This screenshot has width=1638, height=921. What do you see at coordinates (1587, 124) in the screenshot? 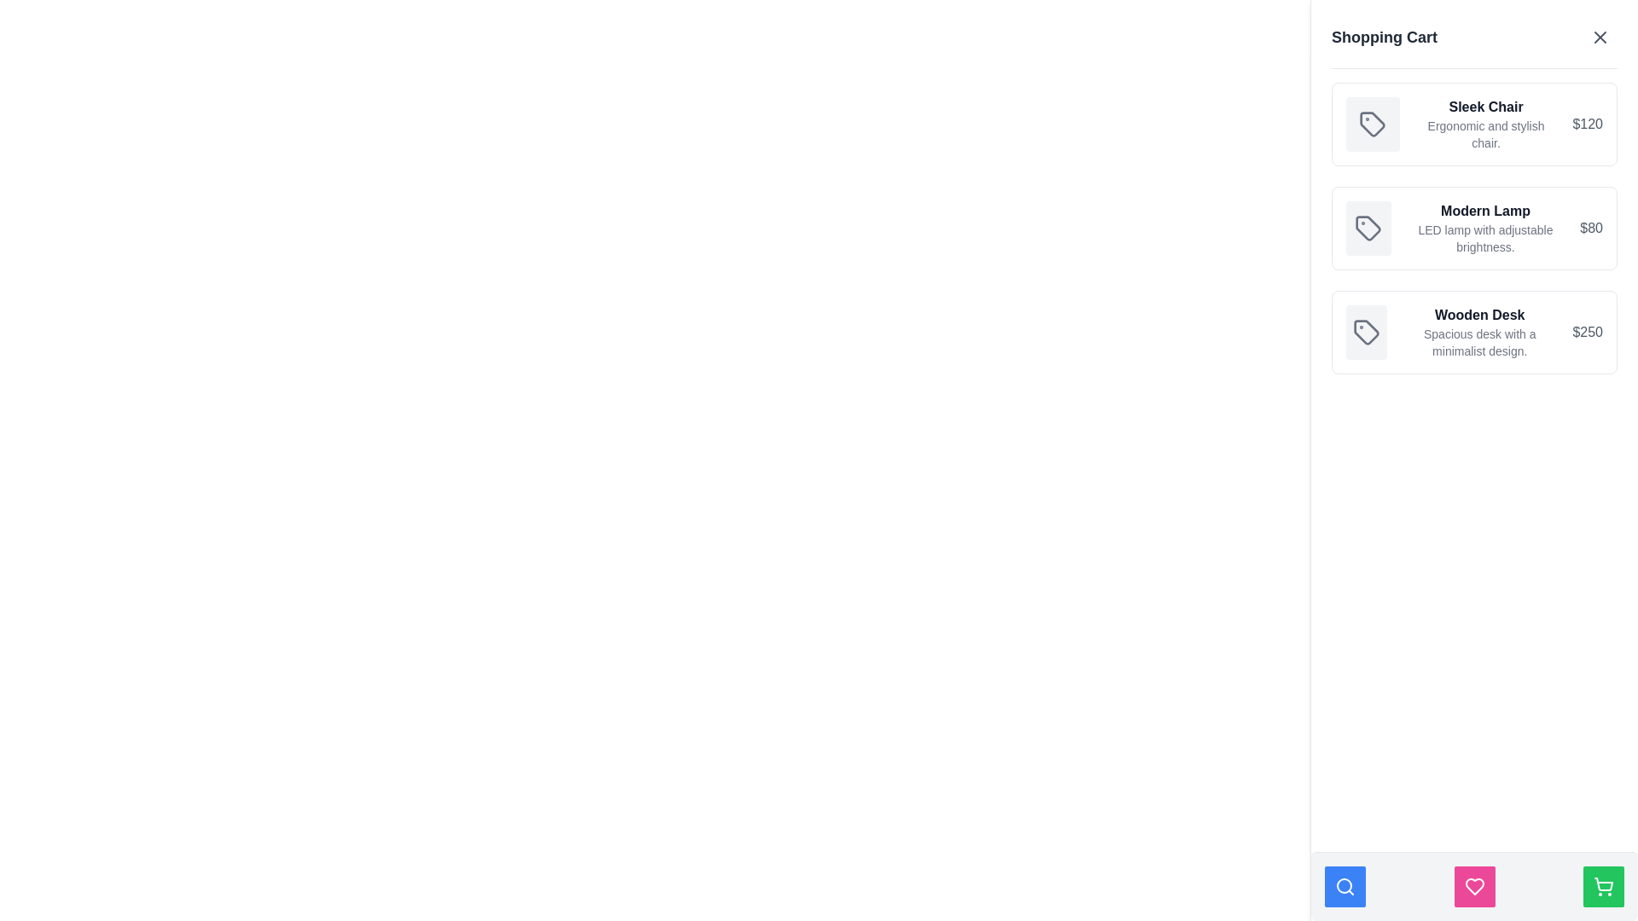
I see `the price label for the 'Sleek Chair' located in the shopping cart section, positioned to the far right of its containing box` at bounding box center [1587, 124].